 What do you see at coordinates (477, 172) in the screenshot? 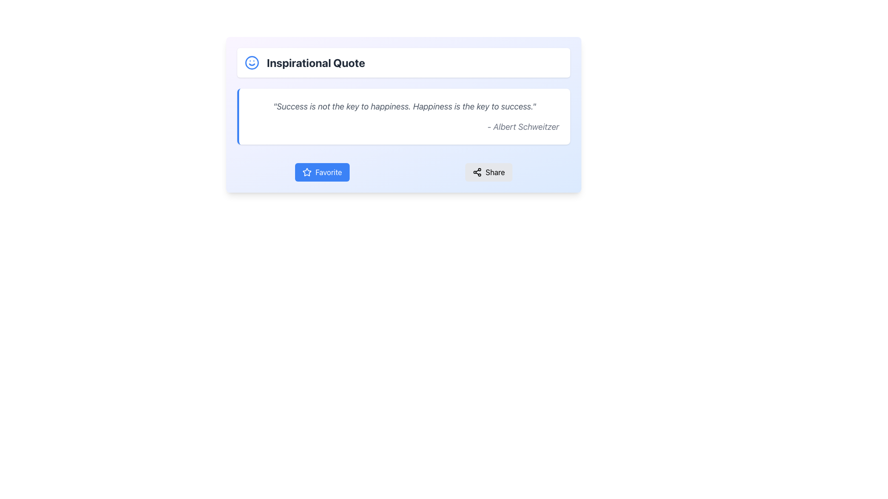
I see `the share icon within the 'Share' button located at the bottom-right corner of the card` at bounding box center [477, 172].